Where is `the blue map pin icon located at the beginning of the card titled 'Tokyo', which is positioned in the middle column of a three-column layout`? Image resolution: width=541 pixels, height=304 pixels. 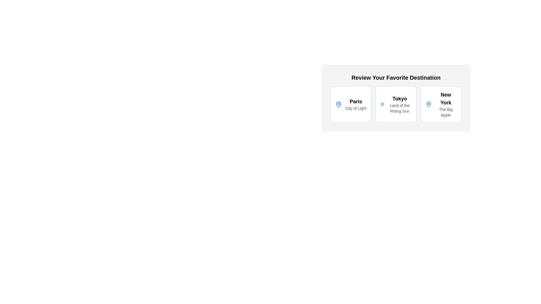 the blue map pin icon located at the beginning of the card titled 'Tokyo', which is positioned in the middle column of a three-column layout is located at coordinates (382, 104).